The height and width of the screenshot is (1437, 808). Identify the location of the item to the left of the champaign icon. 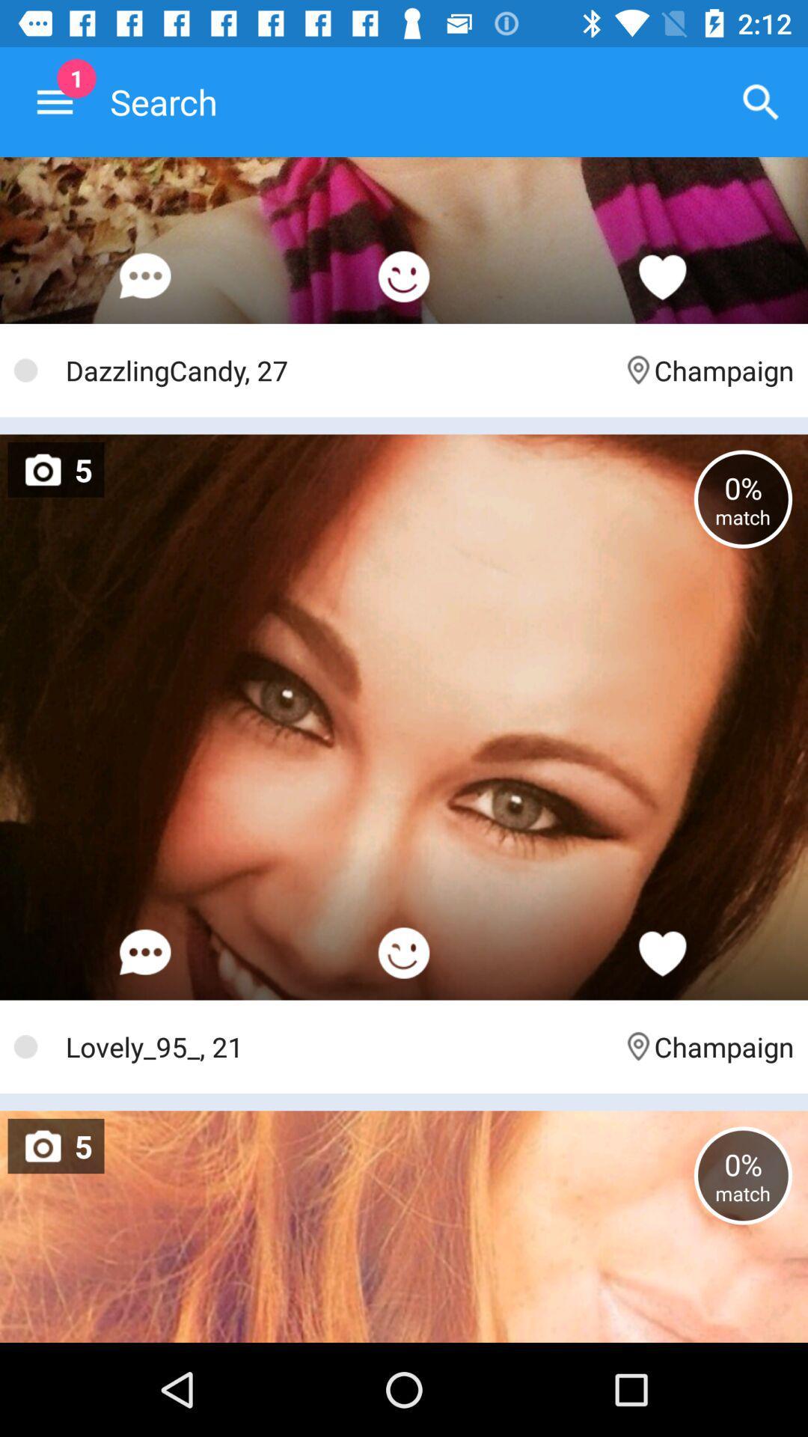
(337, 370).